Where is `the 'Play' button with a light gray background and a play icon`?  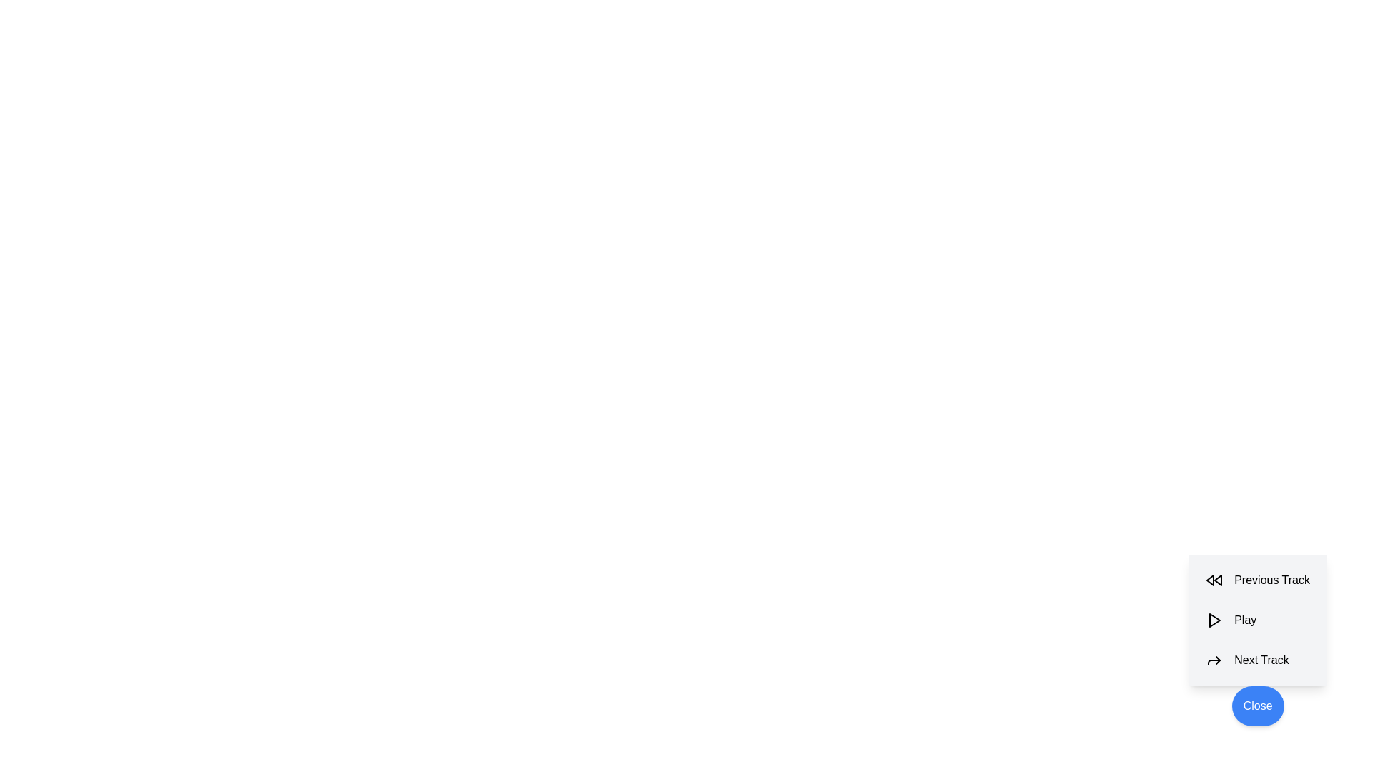
the 'Play' button with a light gray background and a play icon is located at coordinates (1257, 619).